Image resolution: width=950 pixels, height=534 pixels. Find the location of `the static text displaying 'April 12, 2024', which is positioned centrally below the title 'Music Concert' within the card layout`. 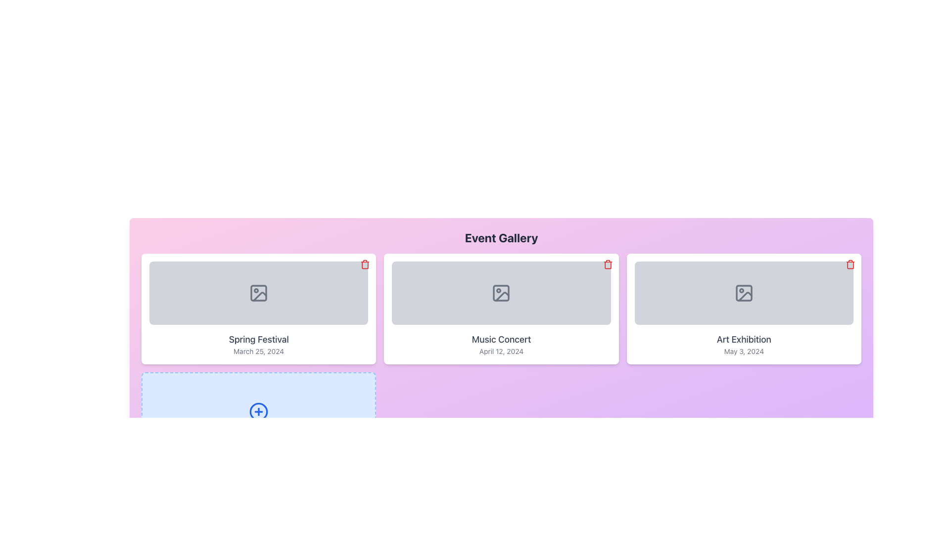

the static text displaying 'April 12, 2024', which is positioned centrally below the title 'Music Concert' within the card layout is located at coordinates (501, 351).